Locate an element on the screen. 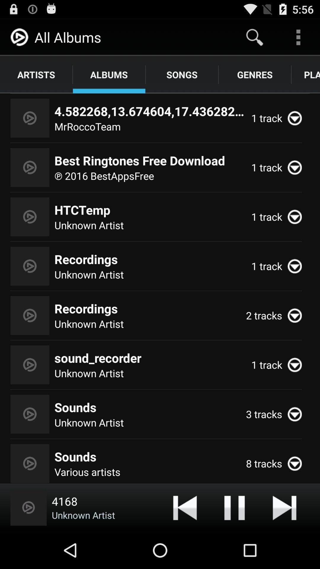 The height and width of the screenshot is (569, 320). the expand_more icon is located at coordinates (297, 443).